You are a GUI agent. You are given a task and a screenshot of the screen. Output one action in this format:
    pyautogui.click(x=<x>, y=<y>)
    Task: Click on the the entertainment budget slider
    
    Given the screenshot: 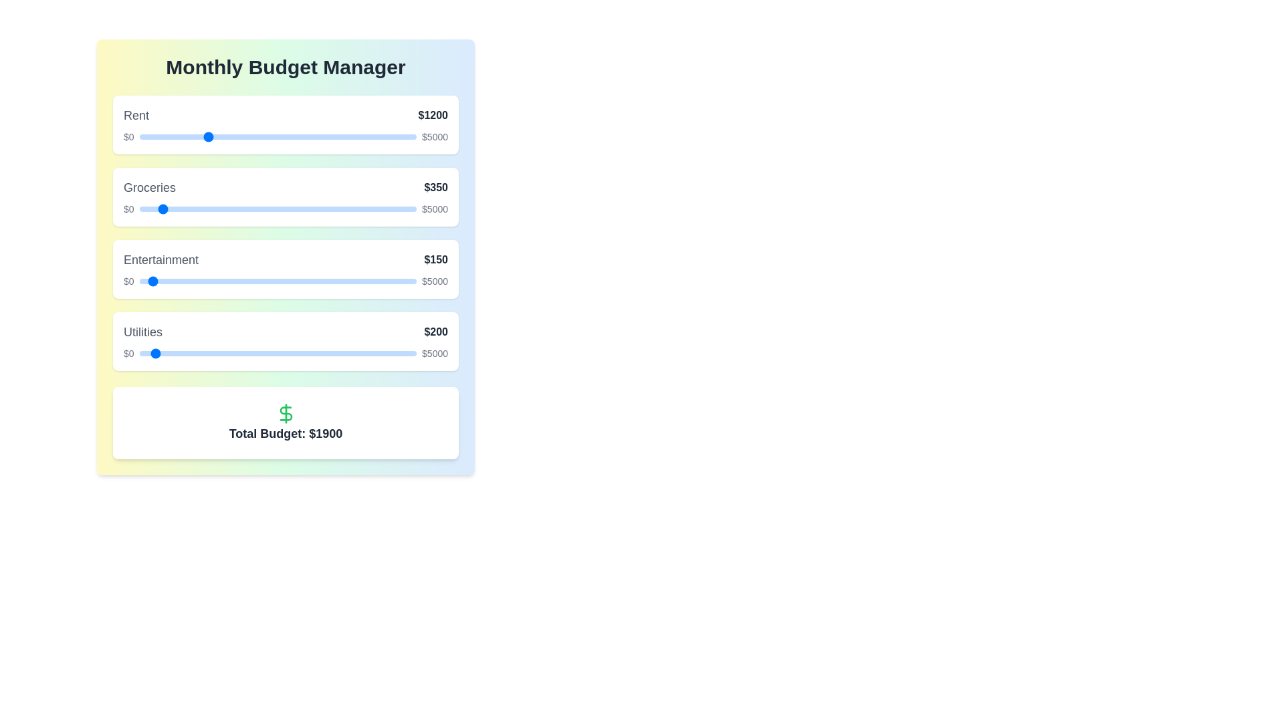 What is the action you would take?
    pyautogui.click(x=382, y=280)
    